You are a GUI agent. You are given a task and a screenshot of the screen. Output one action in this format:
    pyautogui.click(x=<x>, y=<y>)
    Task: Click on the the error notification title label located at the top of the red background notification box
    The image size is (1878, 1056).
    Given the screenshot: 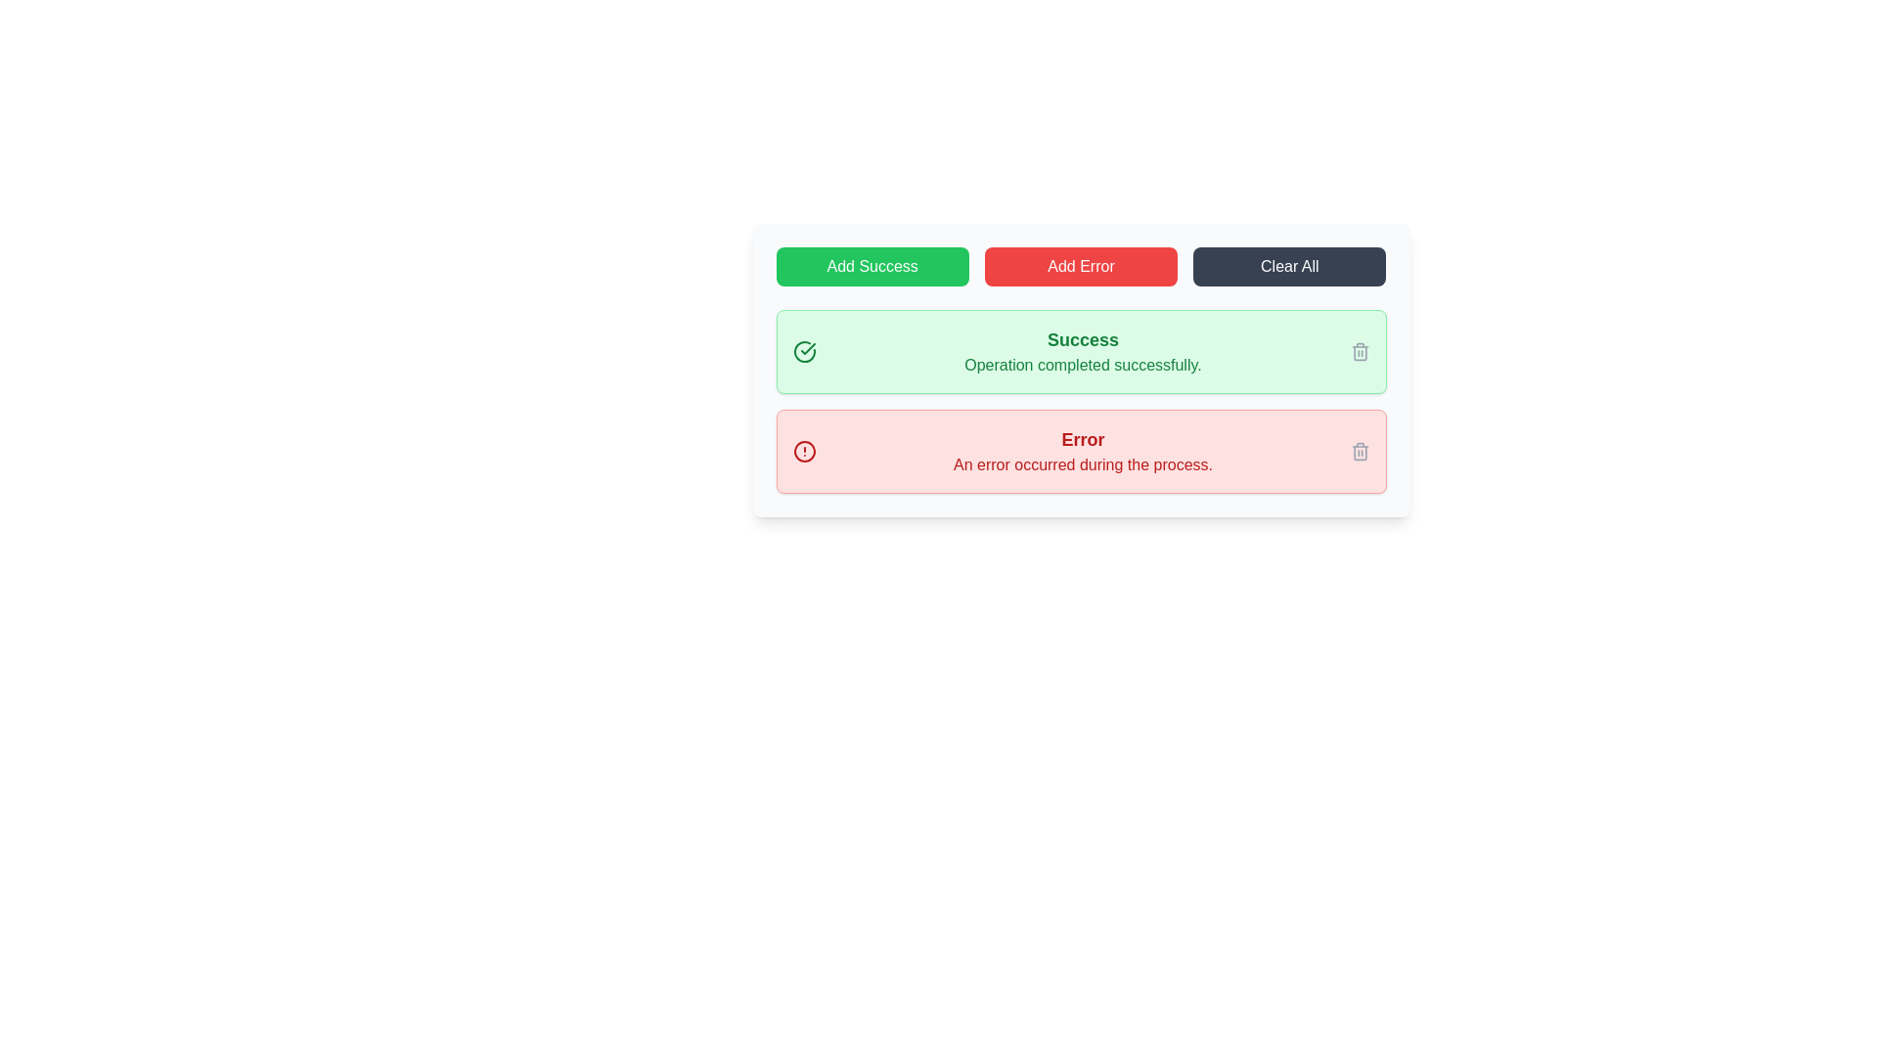 What is the action you would take?
    pyautogui.click(x=1082, y=440)
    